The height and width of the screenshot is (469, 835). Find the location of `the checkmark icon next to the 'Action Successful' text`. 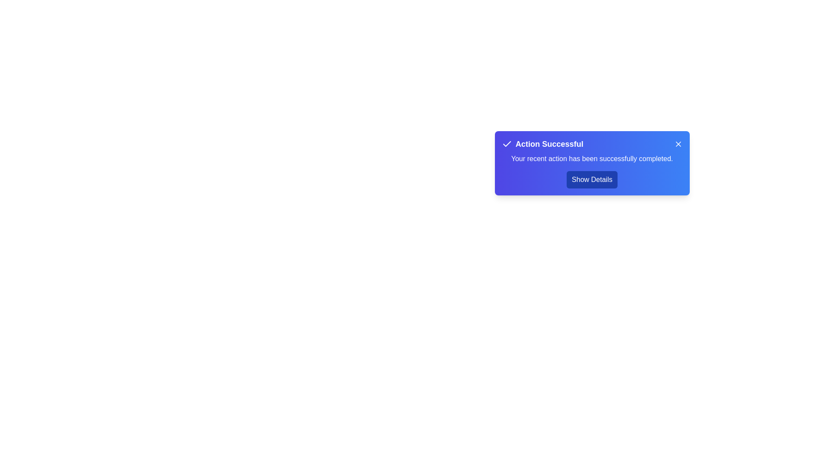

the checkmark icon next to the 'Action Successful' text is located at coordinates (507, 143).